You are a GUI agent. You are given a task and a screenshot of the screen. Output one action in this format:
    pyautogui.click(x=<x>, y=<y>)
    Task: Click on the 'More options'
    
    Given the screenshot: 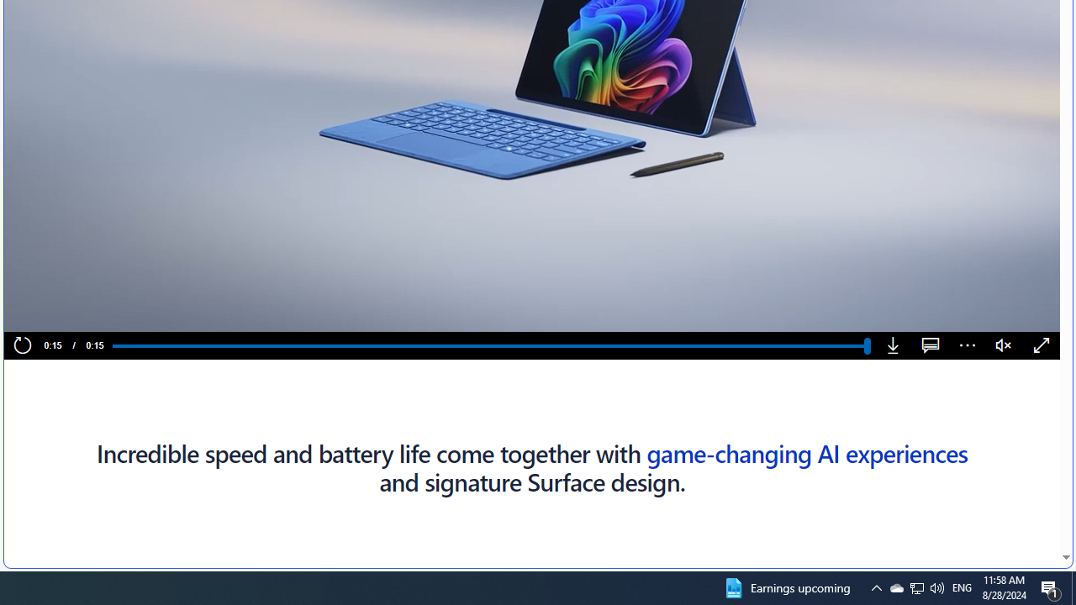 What is the action you would take?
    pyautogui.click(x=967, y=345)
    